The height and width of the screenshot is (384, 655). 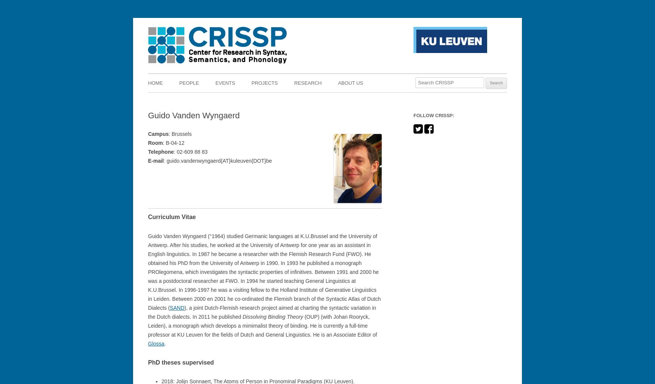 What do you see at coordinates (262, 325) in the screenshot?
I see `'(OUP) (with Johan Rooryck, Leiden), a monograph which develops a mimimalist theory of binding. He is currently a full-time professor at KU Leuven for the fields of Dutch and General Linguistics. He is an Associate Editor of'` at bounding box center [262, 325].